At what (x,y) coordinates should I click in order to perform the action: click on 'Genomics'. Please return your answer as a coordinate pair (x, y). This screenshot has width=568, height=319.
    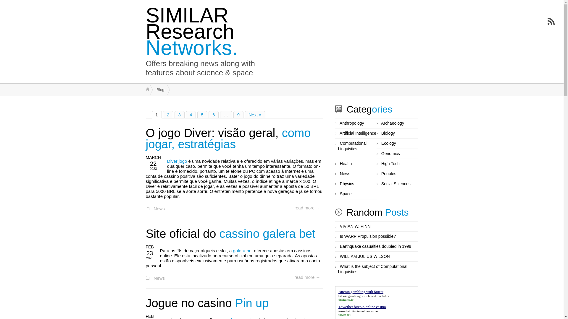
    Looking at the image, I should click on (390, 153).